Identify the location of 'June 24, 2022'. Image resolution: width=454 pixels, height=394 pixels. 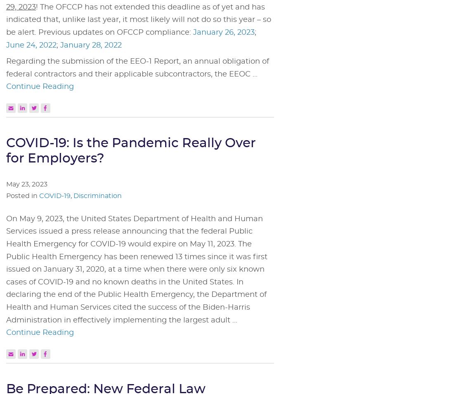
(31, 45).